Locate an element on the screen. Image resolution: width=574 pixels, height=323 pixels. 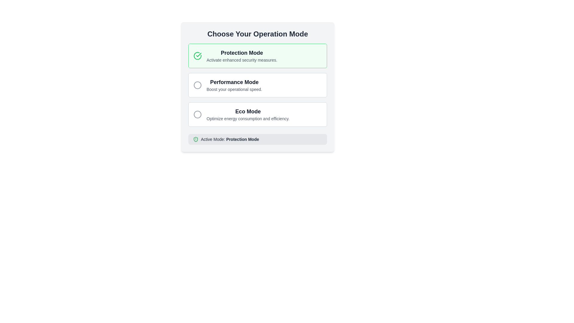
the icon indicating the active mode, which highlights the protection mode with an alert warning symbol, located to the left of the text 'Active Mode: Protection Mode.' is located at coordinates (196, 139).